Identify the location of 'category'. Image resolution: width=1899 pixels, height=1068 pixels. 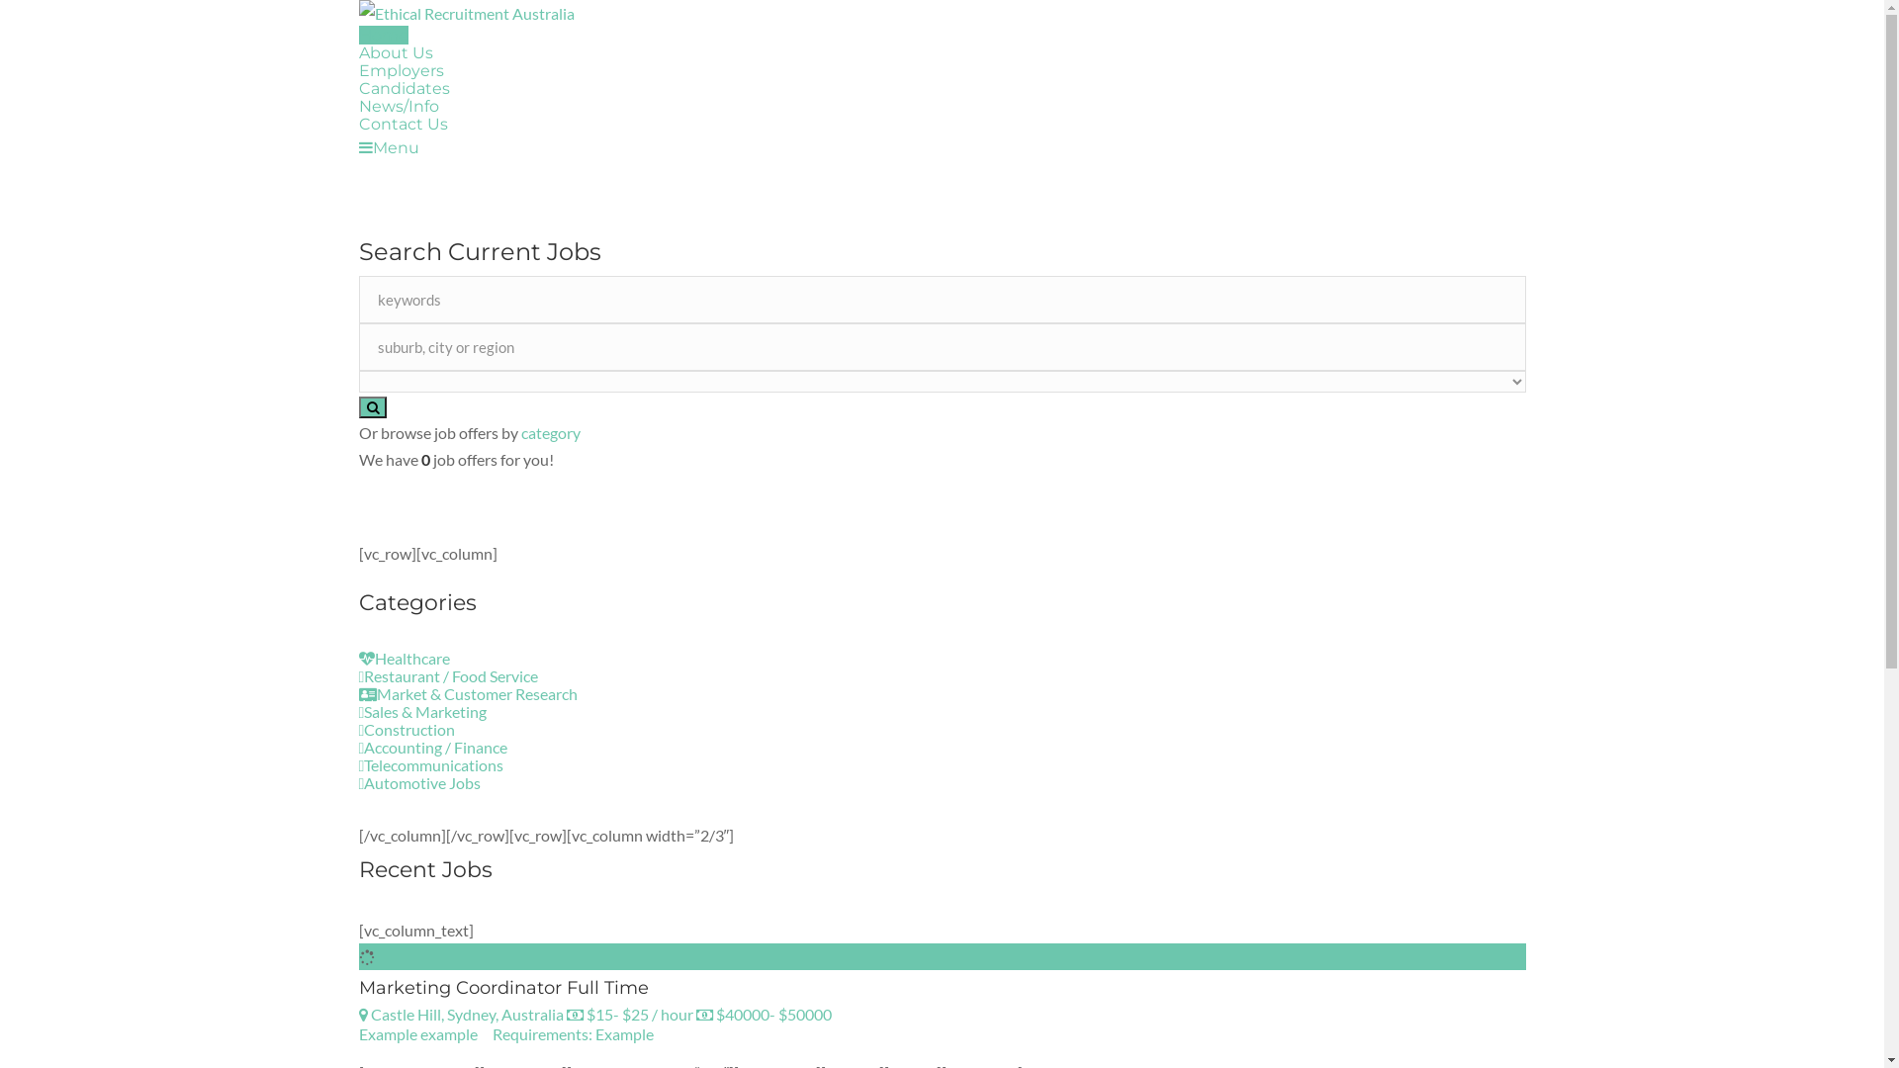
(550, 431).